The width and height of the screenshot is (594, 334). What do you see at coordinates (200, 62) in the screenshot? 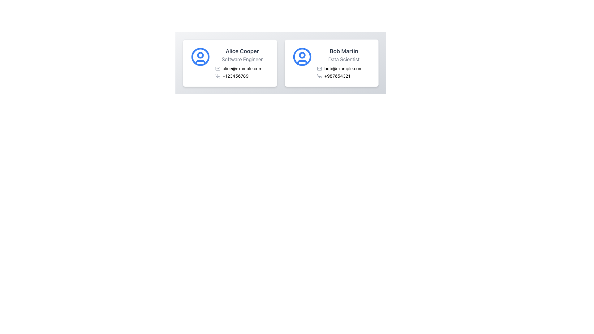
I see `the third sub-component of the user icon representing Alice Cooper, located at the bottom portion of the circle` at bounding box center [200, 62].